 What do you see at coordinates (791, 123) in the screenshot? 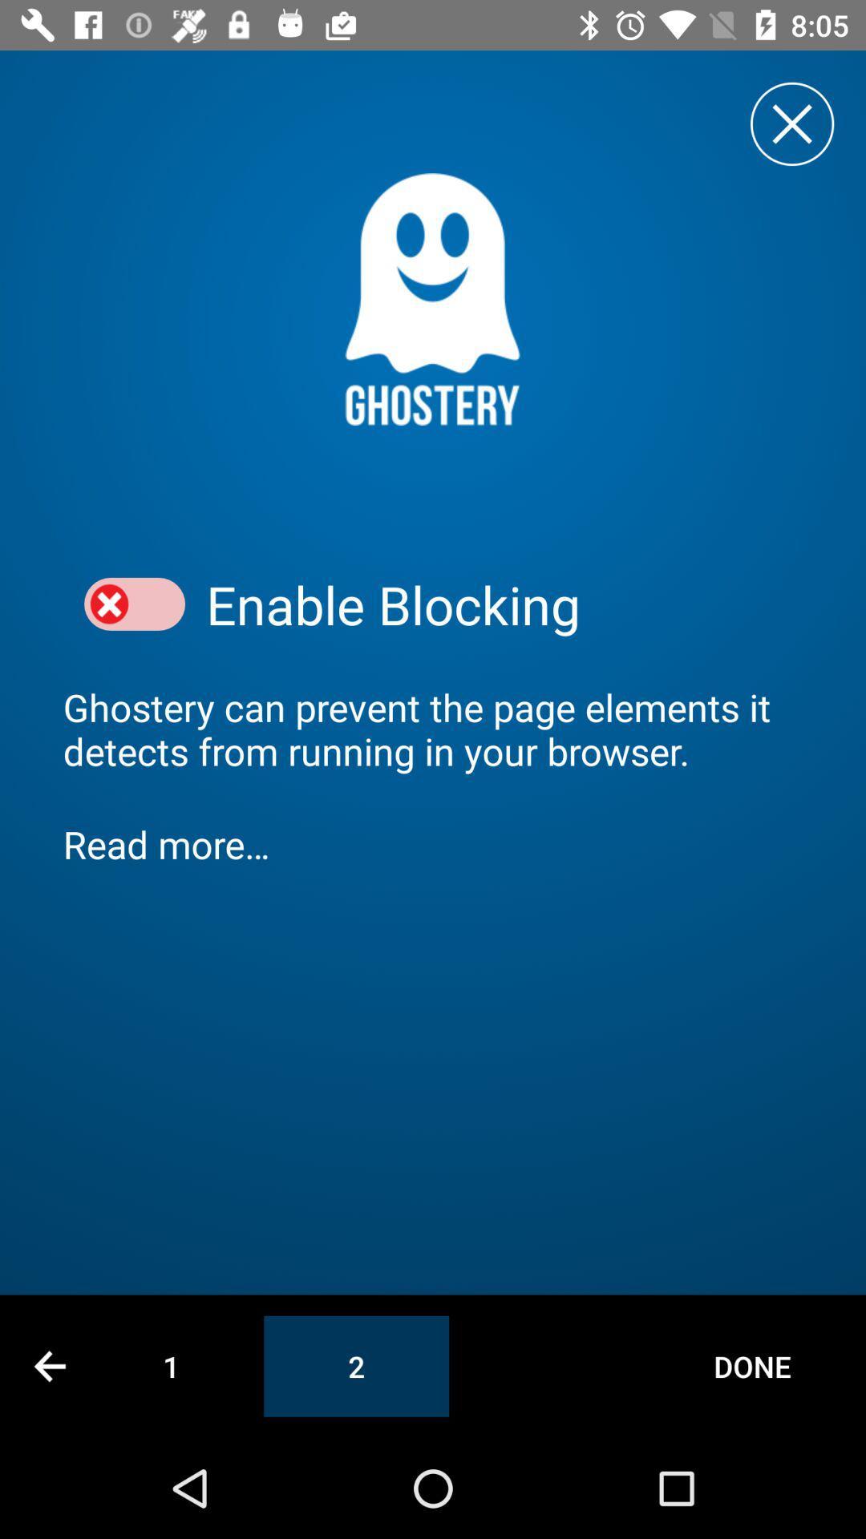
I see `exit page` at bounding box center [791, 123].